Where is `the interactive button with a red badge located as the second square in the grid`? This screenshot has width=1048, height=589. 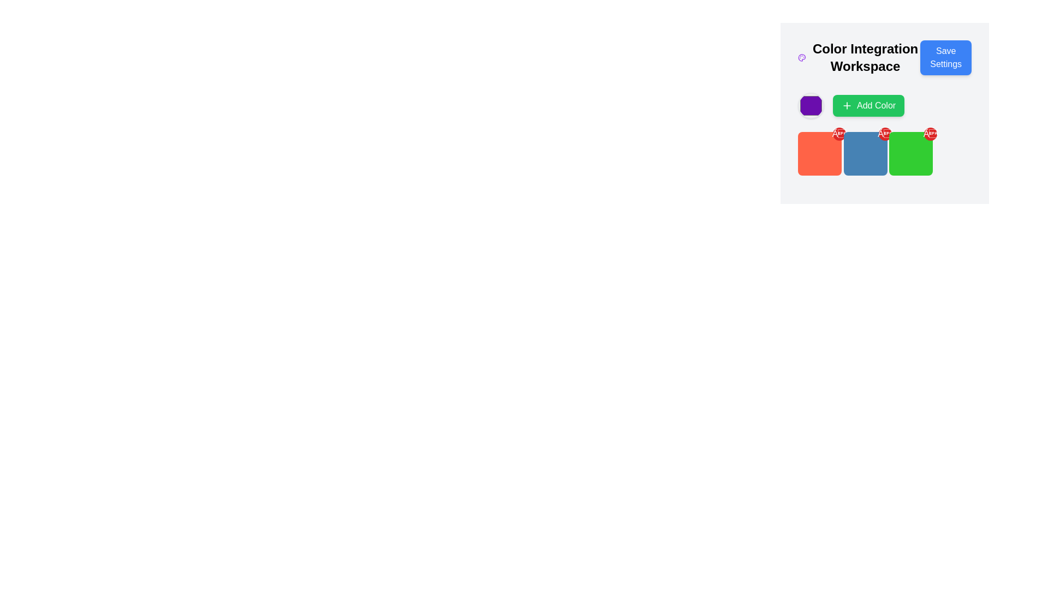 the interactive button with a red badge located as the second square in the grid is located at coordinates (865, 153).